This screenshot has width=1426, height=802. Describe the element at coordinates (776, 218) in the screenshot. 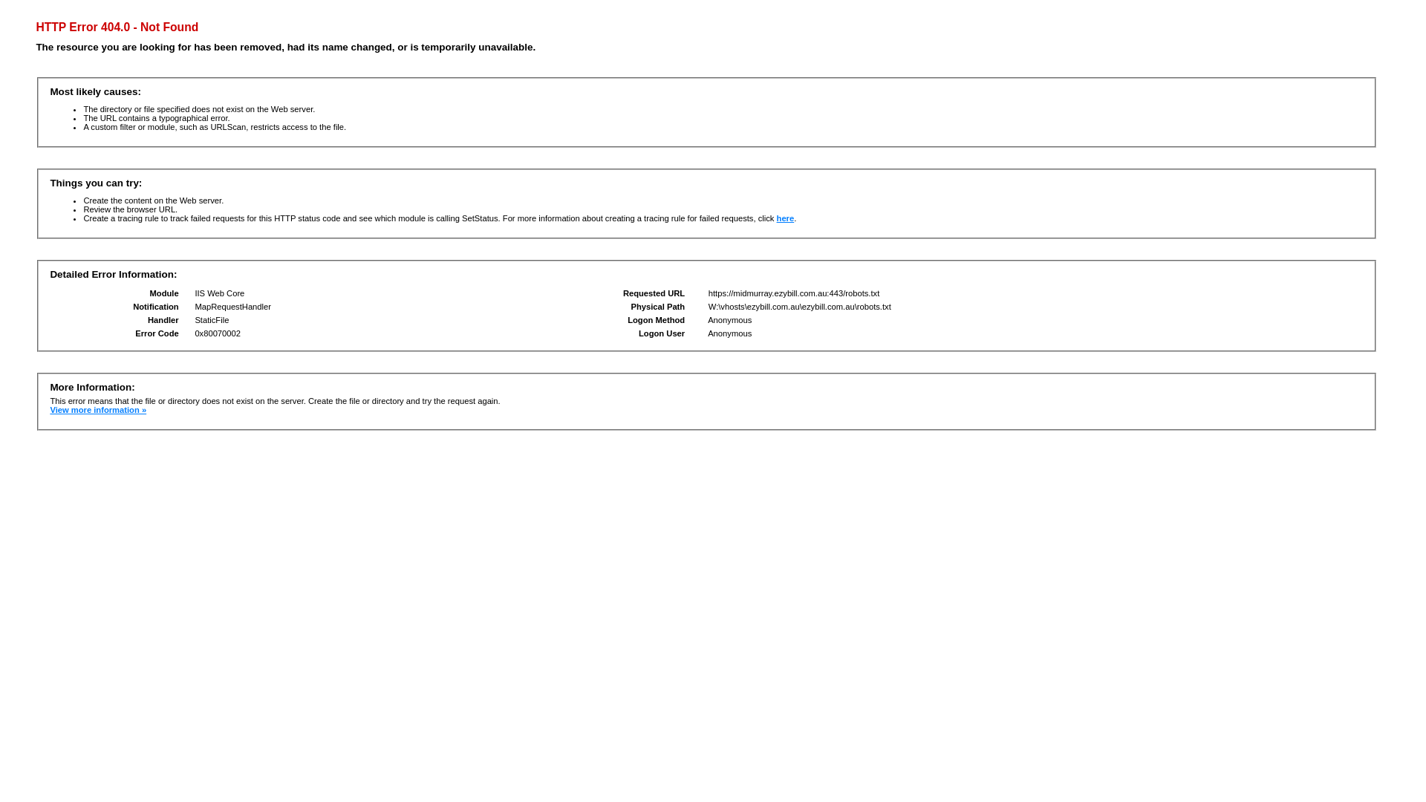

I see `'here'` at that location.